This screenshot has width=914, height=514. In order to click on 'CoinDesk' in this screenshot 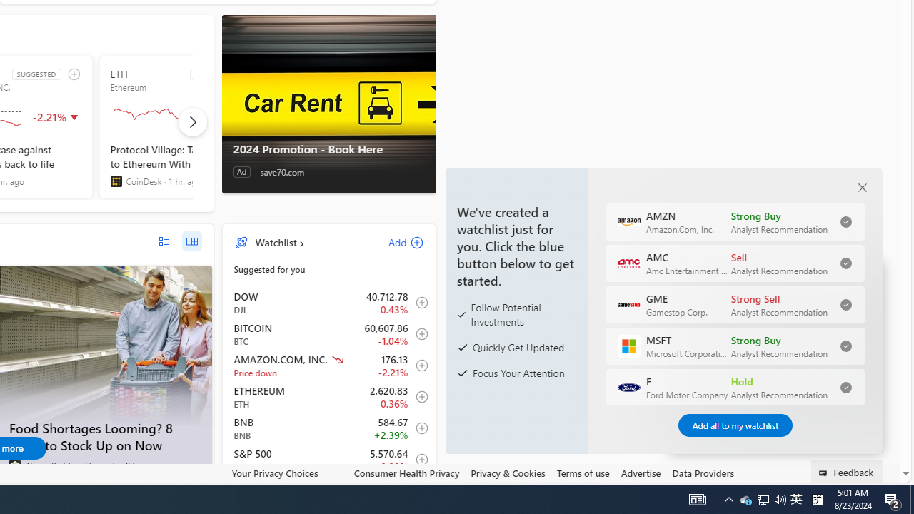, I will do `click(116, 181)`.